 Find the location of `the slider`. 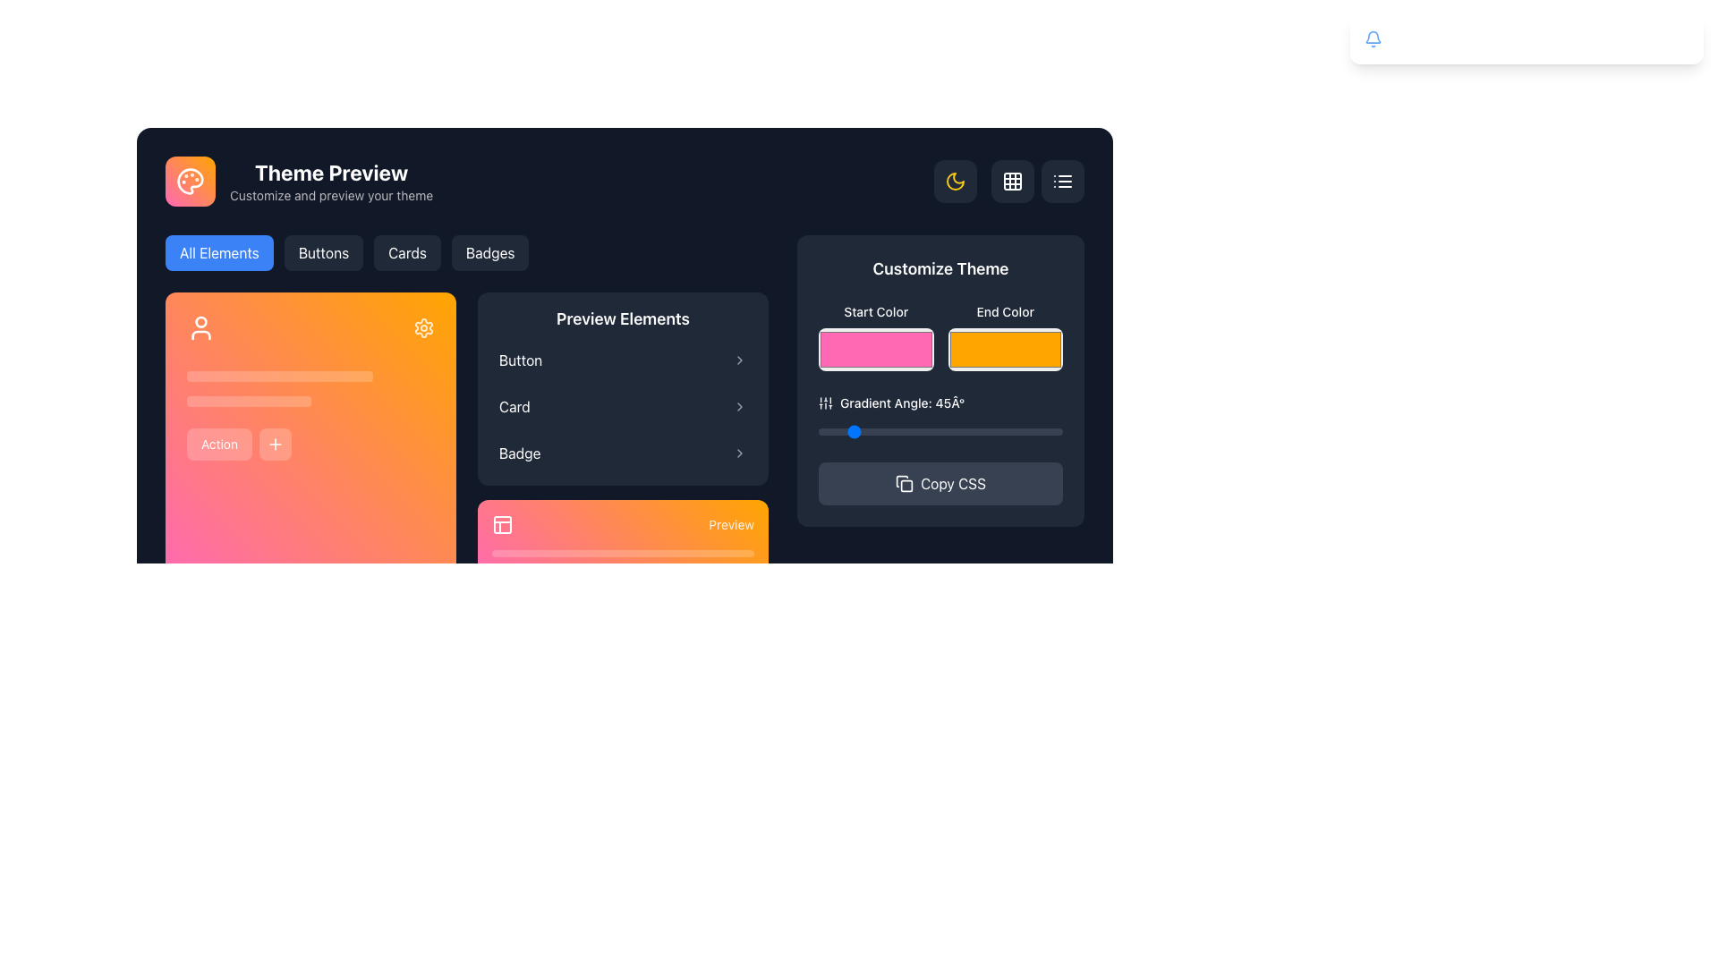

the slider is located at coordinates (287, 375).